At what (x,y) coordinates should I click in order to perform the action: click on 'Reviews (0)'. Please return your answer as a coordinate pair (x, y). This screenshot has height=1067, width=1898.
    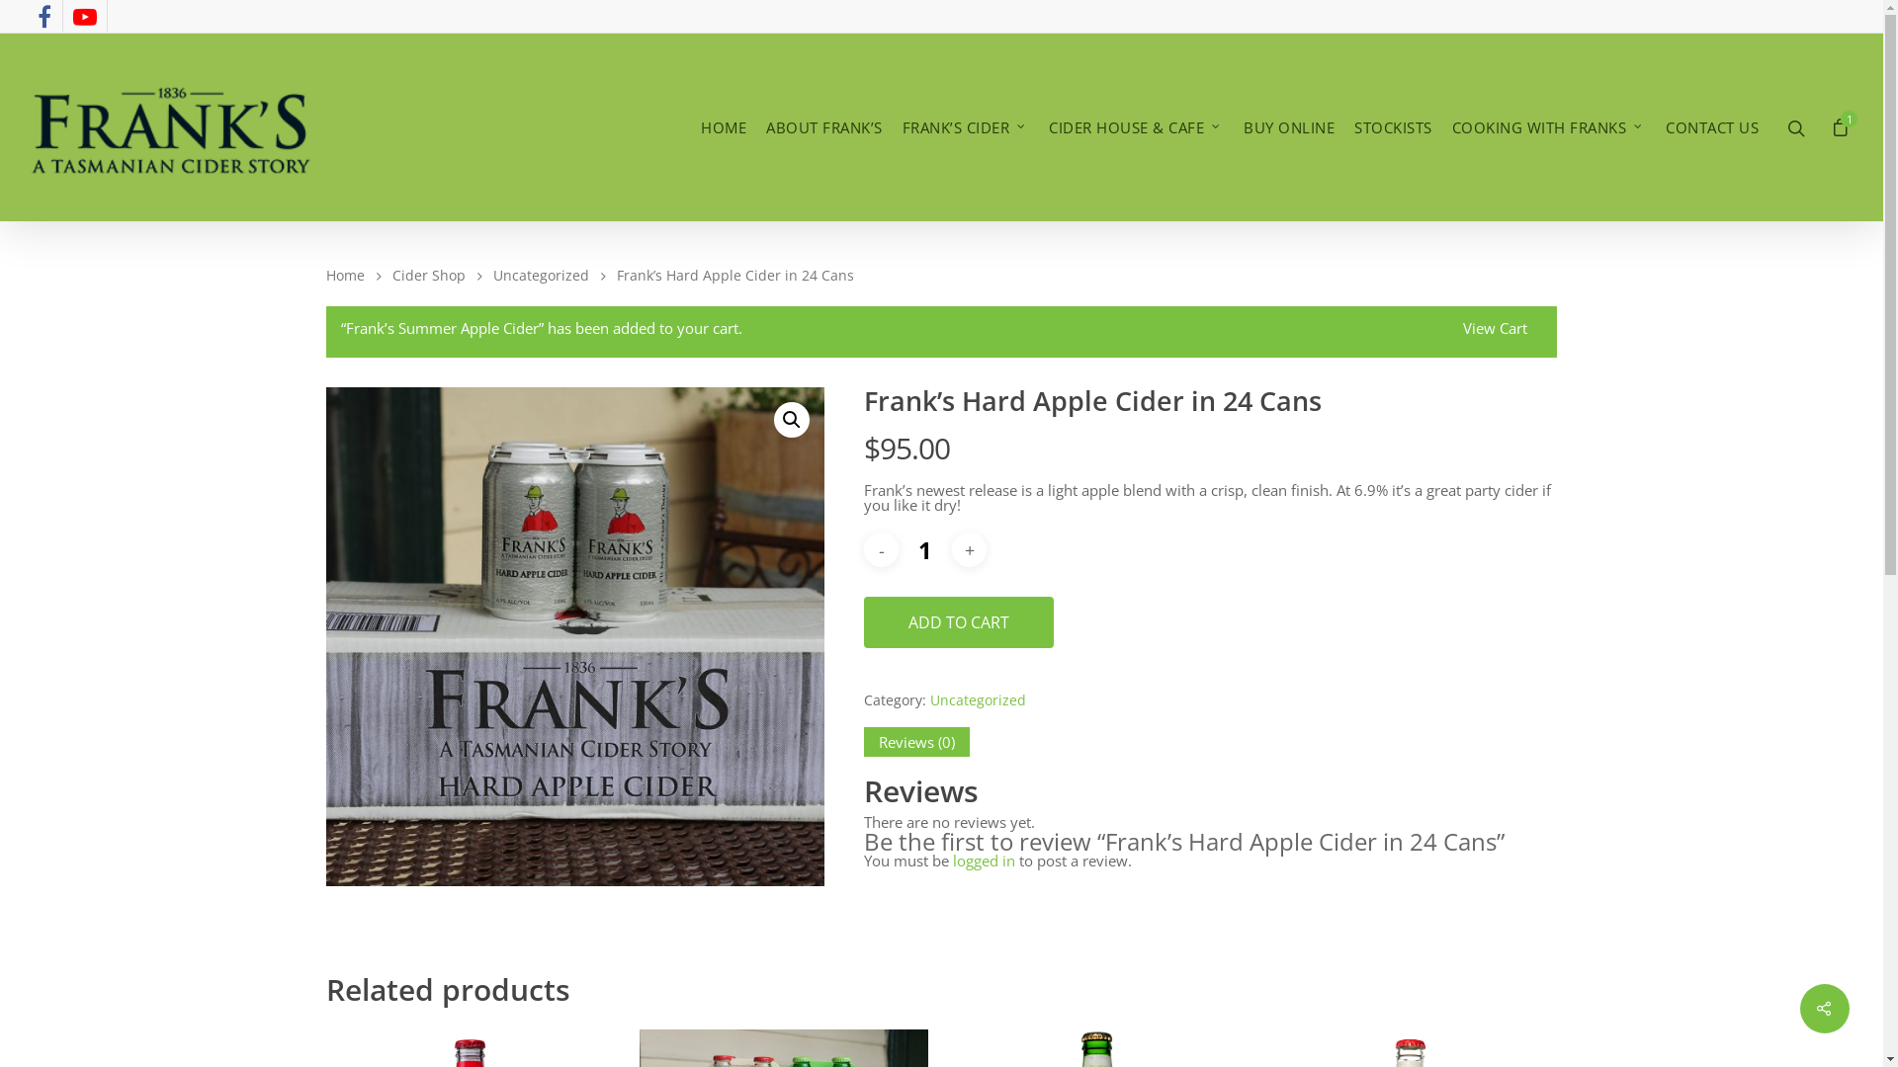
    Looking at the image, I should click on (915, 742).